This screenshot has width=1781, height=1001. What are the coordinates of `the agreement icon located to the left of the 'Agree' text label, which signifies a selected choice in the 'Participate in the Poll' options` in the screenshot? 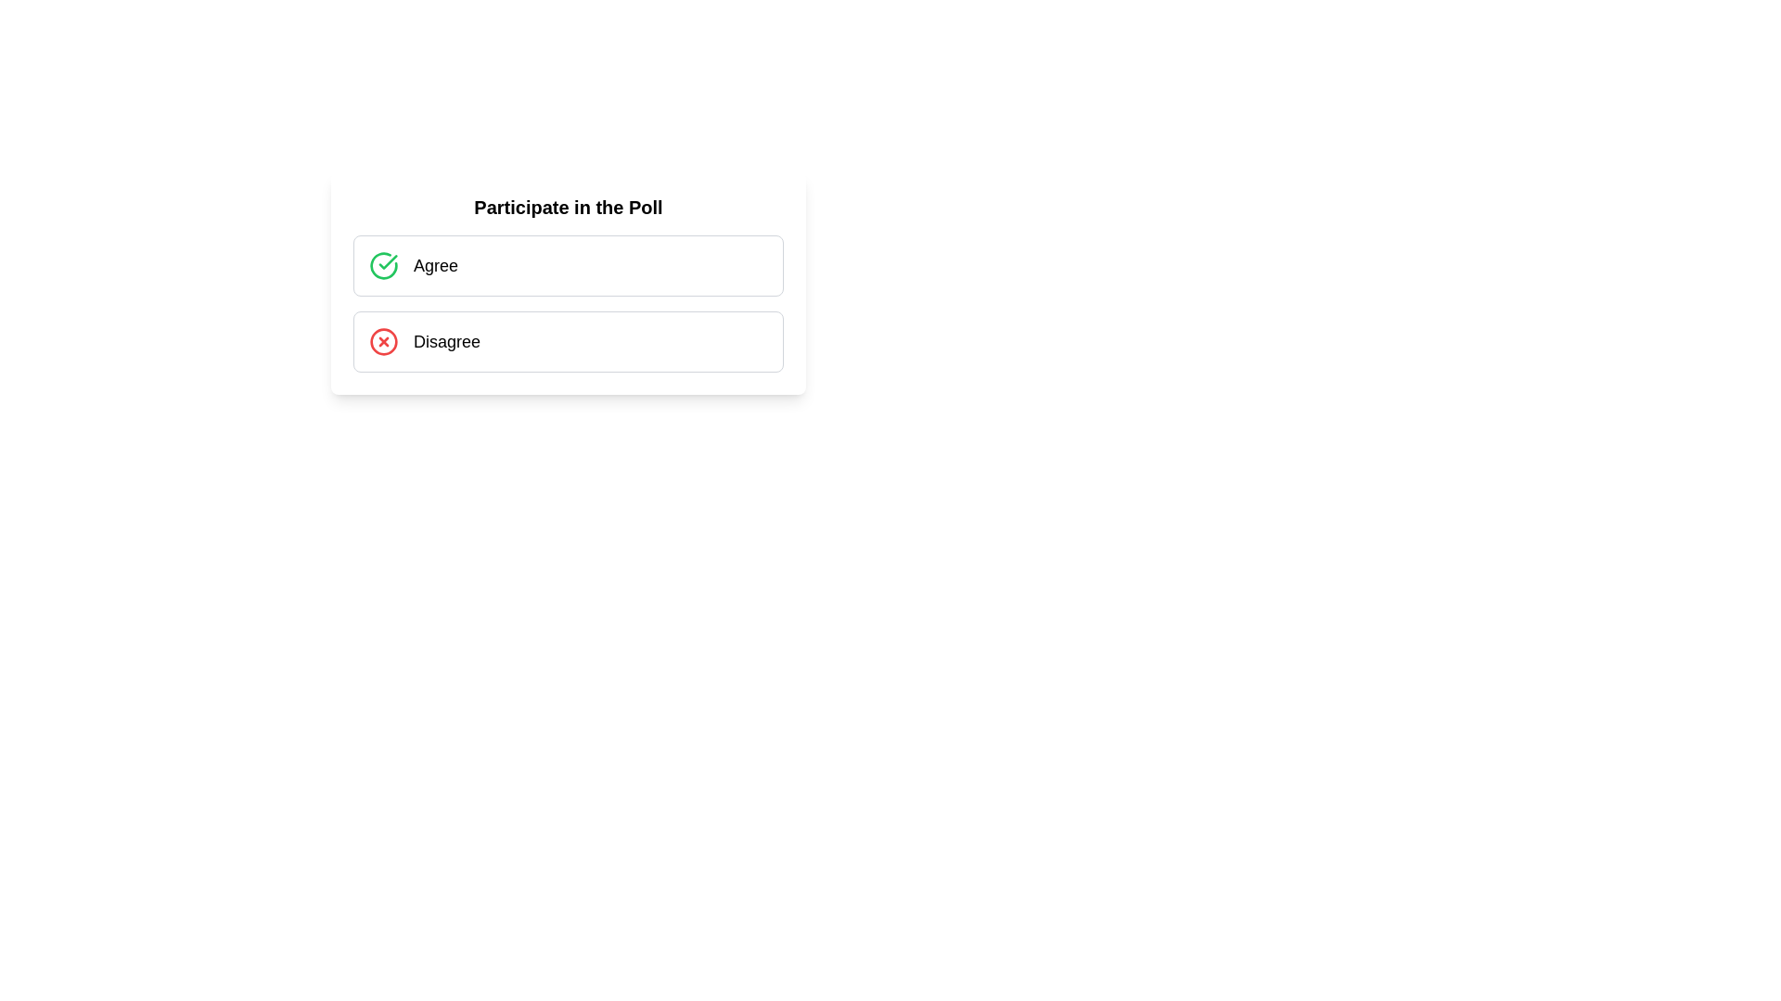 It's located at (382, 265).